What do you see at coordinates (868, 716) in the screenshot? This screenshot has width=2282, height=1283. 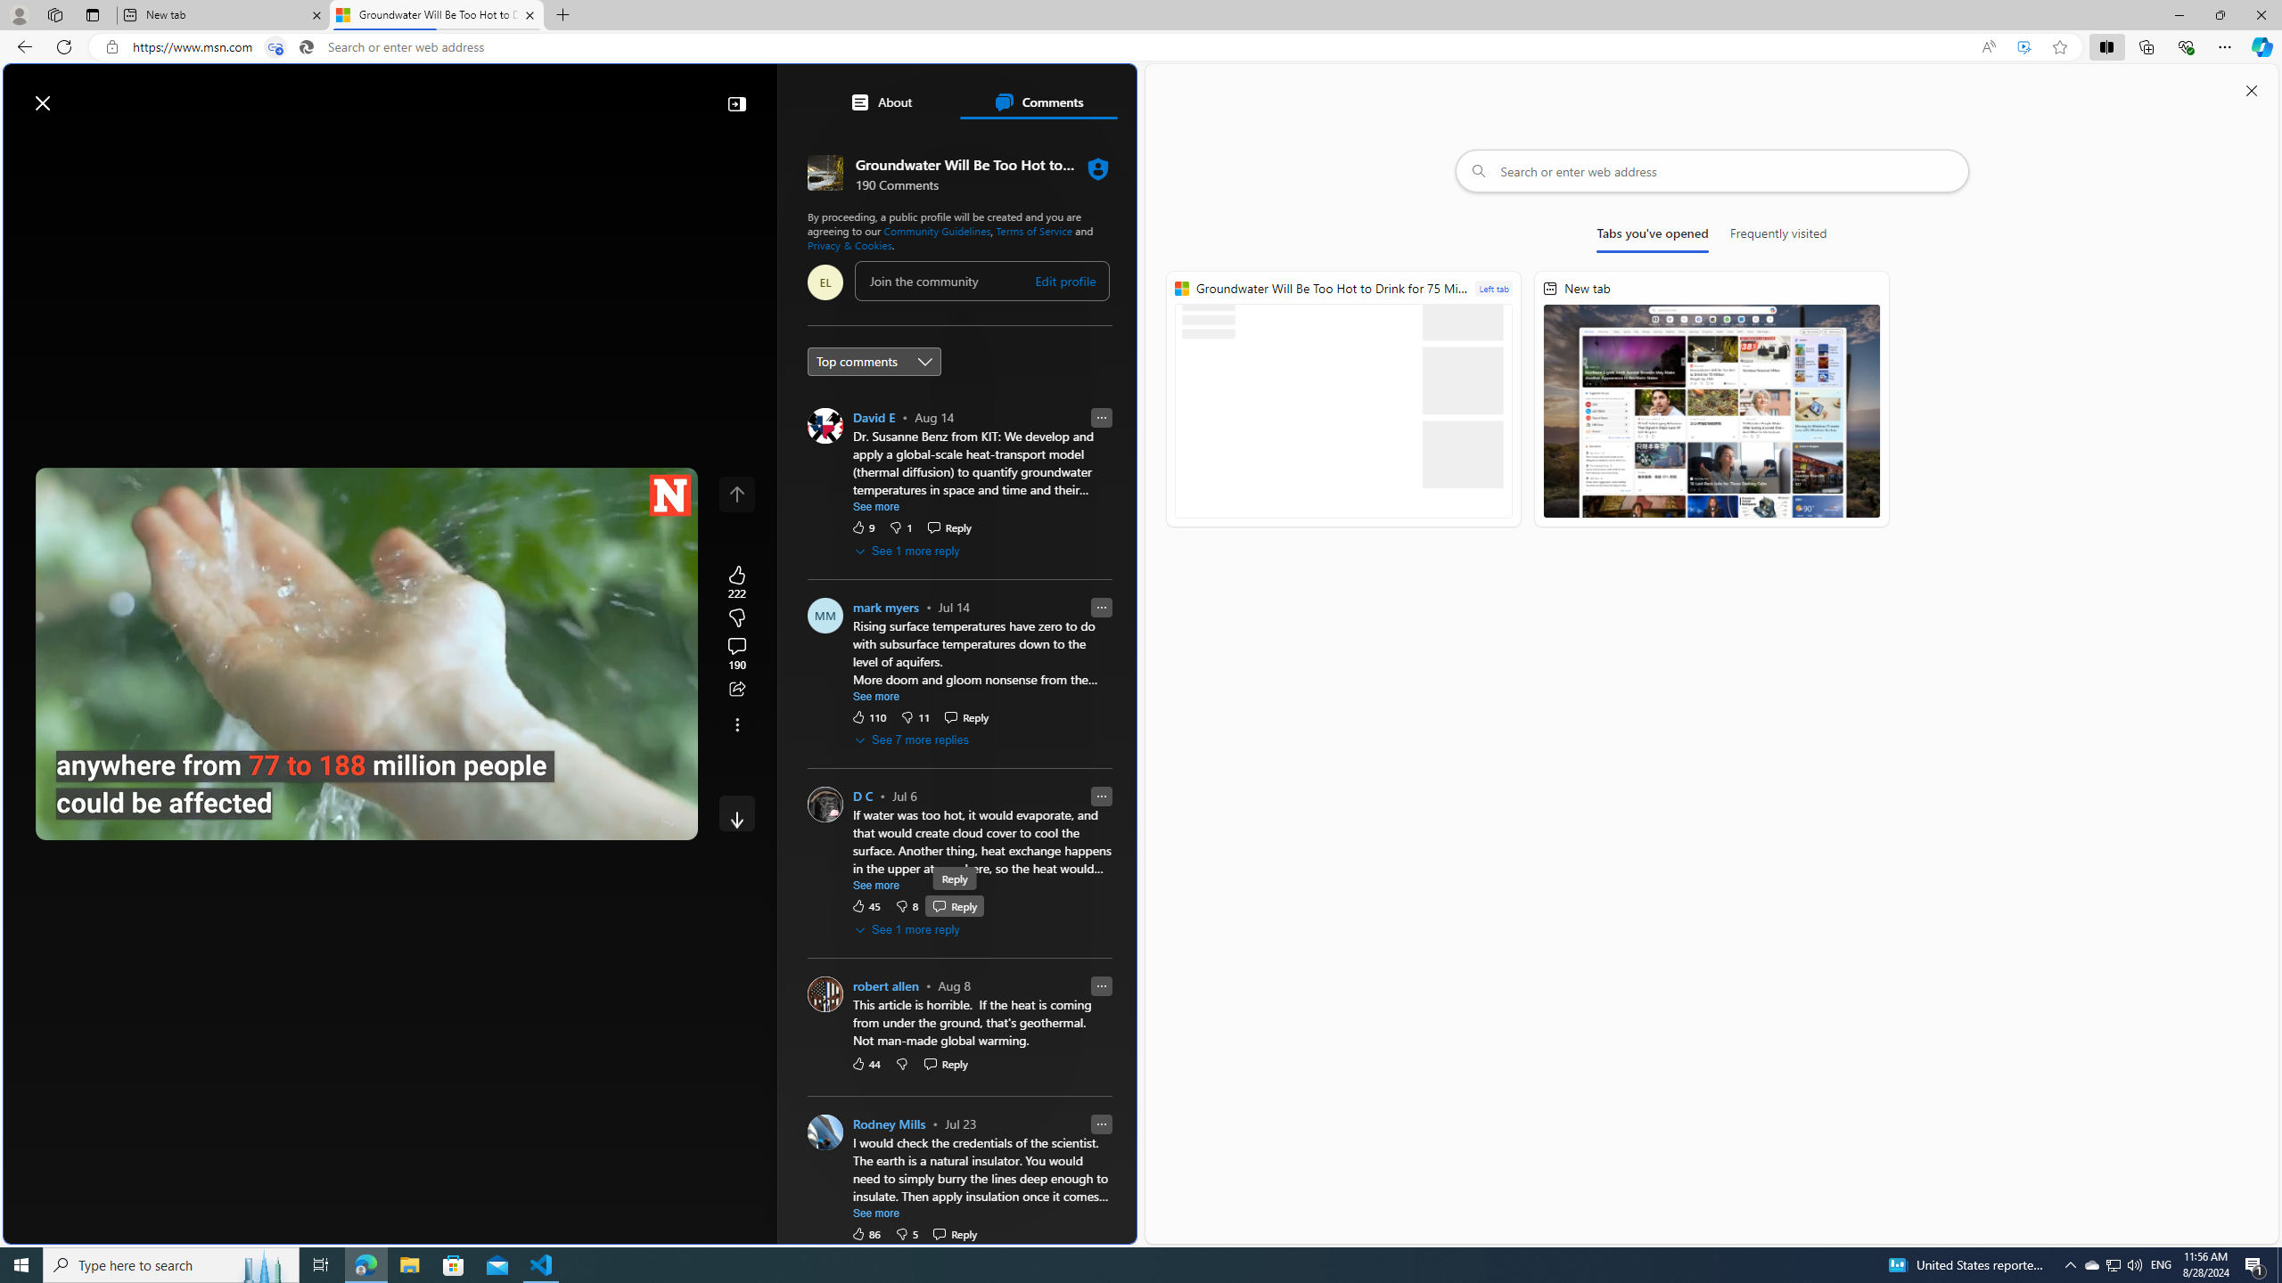 I see `'110 Like'` at bounding box center [868, 716].